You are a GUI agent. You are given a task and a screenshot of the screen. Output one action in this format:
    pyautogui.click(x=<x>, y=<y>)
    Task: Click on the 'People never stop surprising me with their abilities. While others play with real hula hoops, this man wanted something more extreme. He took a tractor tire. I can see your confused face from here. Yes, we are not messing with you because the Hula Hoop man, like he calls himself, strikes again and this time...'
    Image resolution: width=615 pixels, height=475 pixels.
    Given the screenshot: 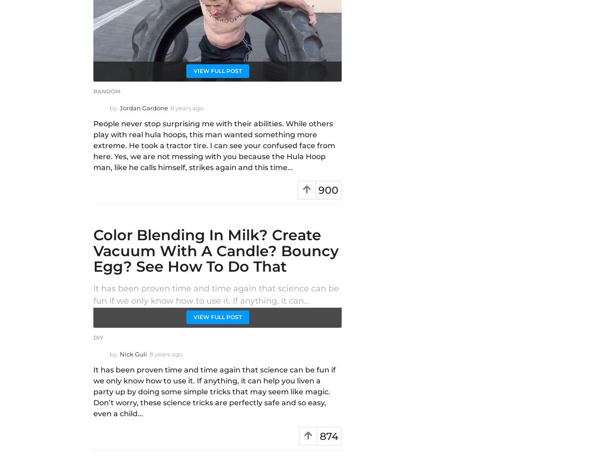 What is the action you would take?
    pyautogui.click(x=214, y=145)
    